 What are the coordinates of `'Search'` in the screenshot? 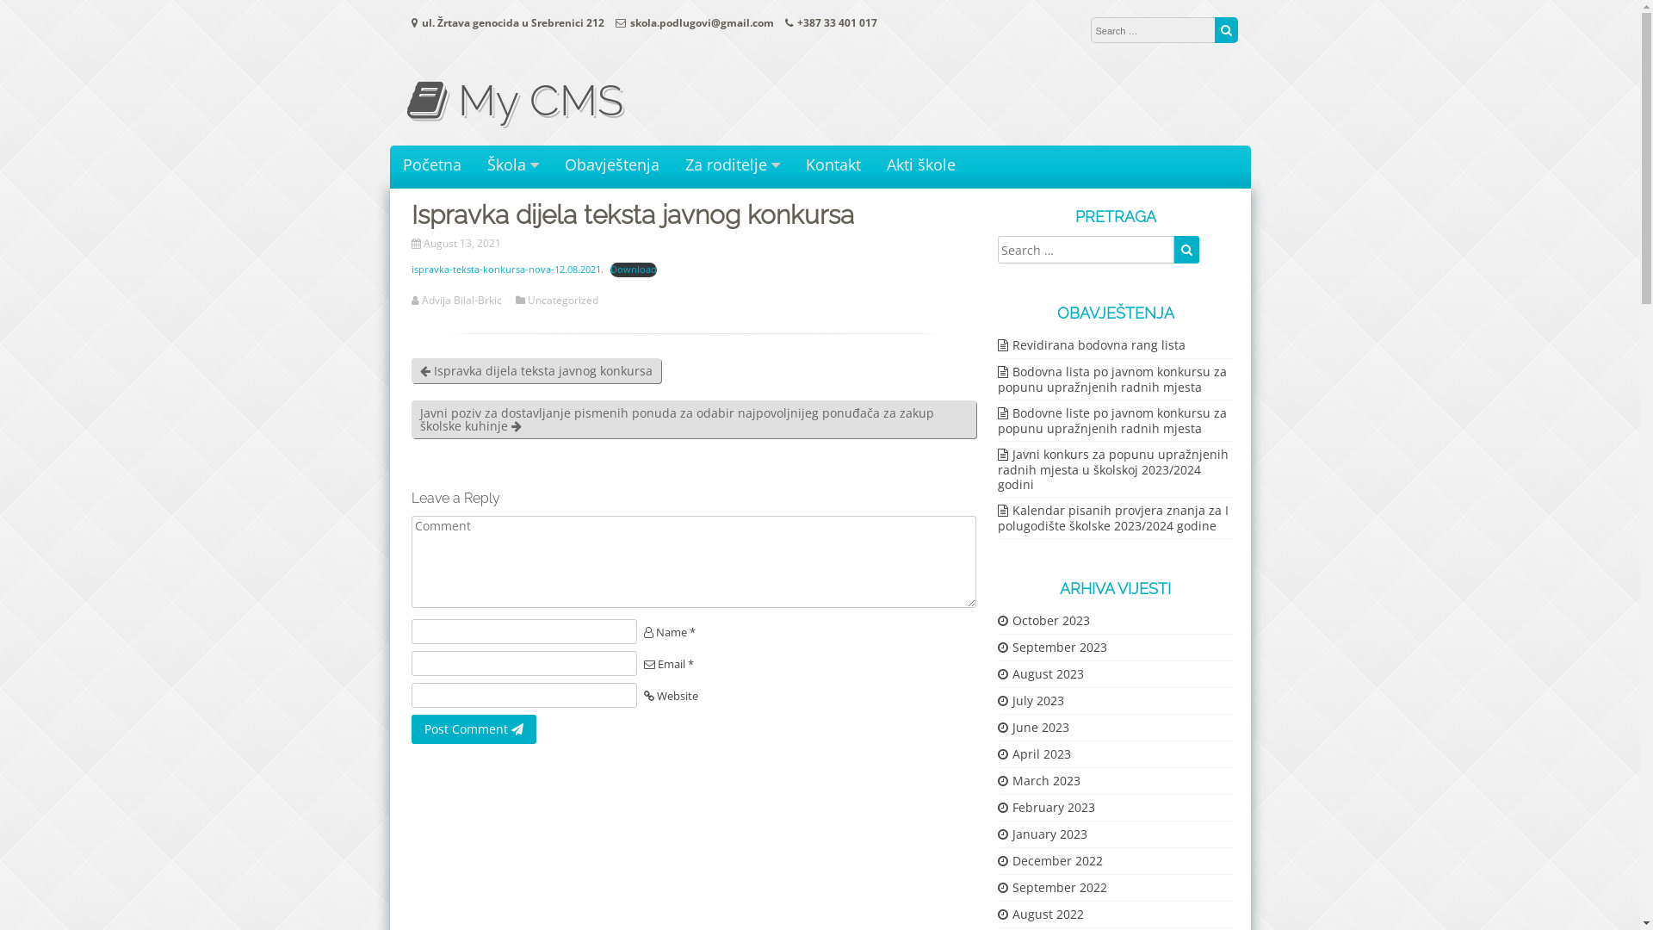 It's located at (1224, 29).